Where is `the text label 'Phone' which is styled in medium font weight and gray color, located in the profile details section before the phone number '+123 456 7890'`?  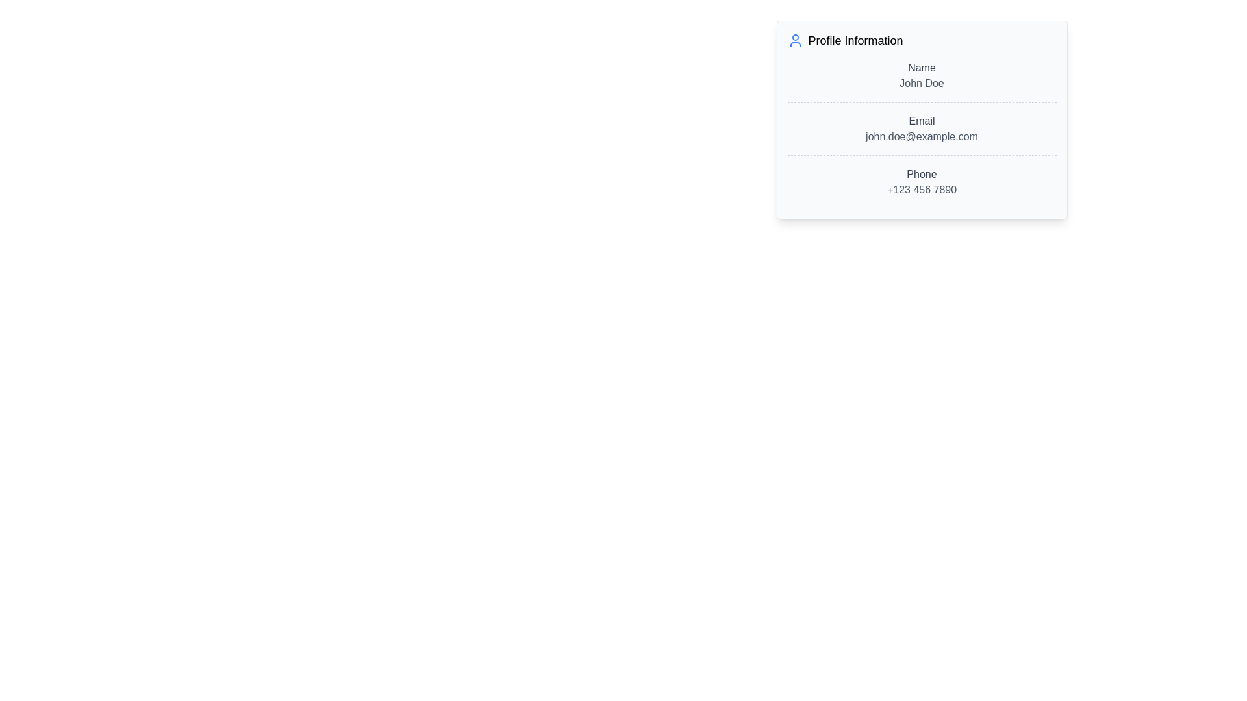
the text label 'Phone' which is styled in medium font weight and gray color, located in the profile details section before the phone number '+123 456 7890' is located at coordinates (921, 174).